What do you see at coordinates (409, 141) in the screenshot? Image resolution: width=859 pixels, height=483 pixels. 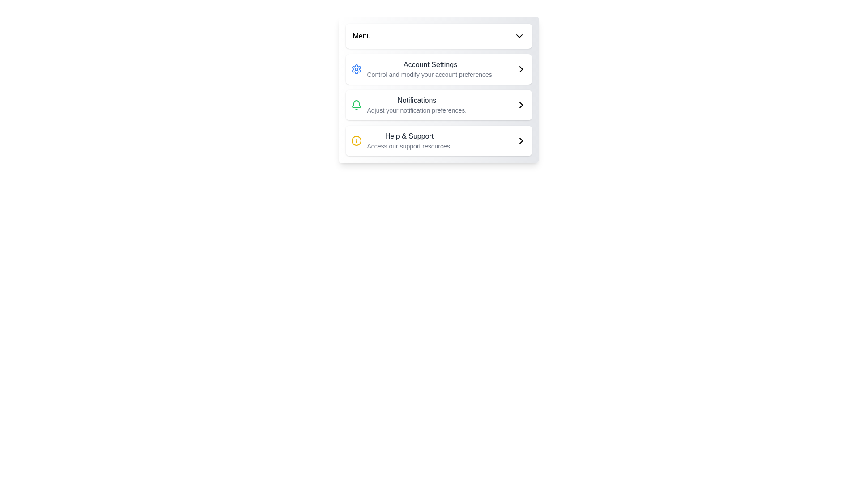 I see `the Text label that provides access to resources for help and support, located in the card-like menu structure beneath the 'Notifications' row` at bounding box center [409, 141].